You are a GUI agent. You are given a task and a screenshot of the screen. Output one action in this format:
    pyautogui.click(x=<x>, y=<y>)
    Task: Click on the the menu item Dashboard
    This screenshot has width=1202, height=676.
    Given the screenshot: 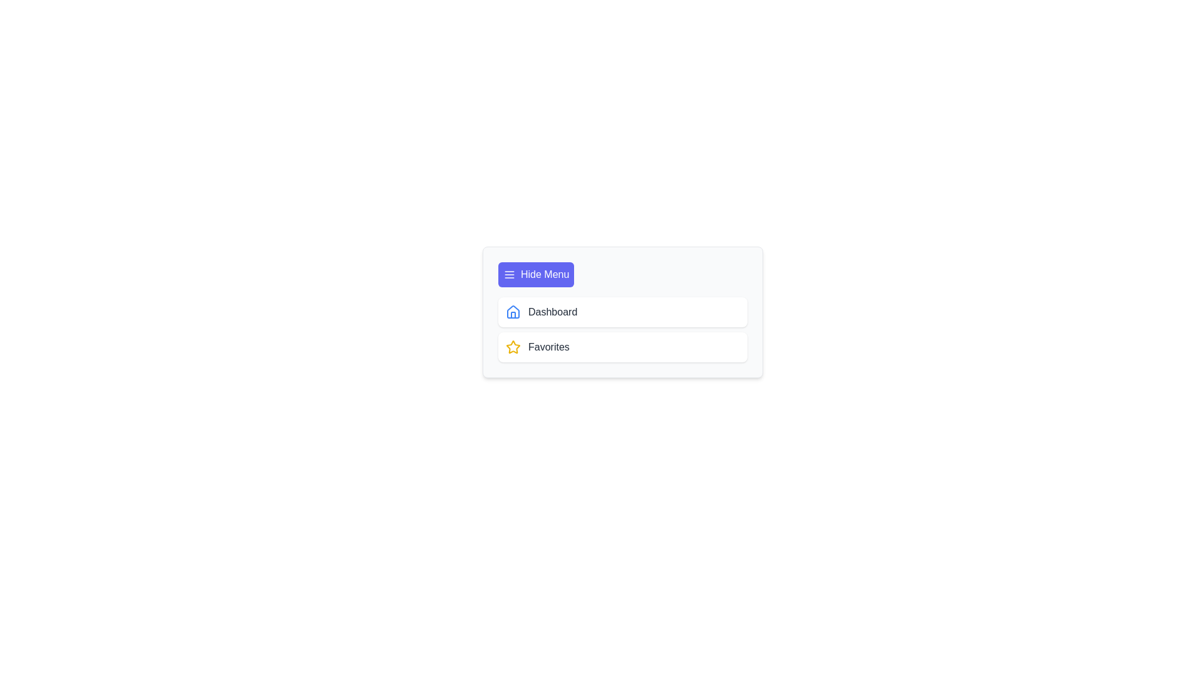 What is the action you would take?
    pyautogui.click(x=622, y=311)
    